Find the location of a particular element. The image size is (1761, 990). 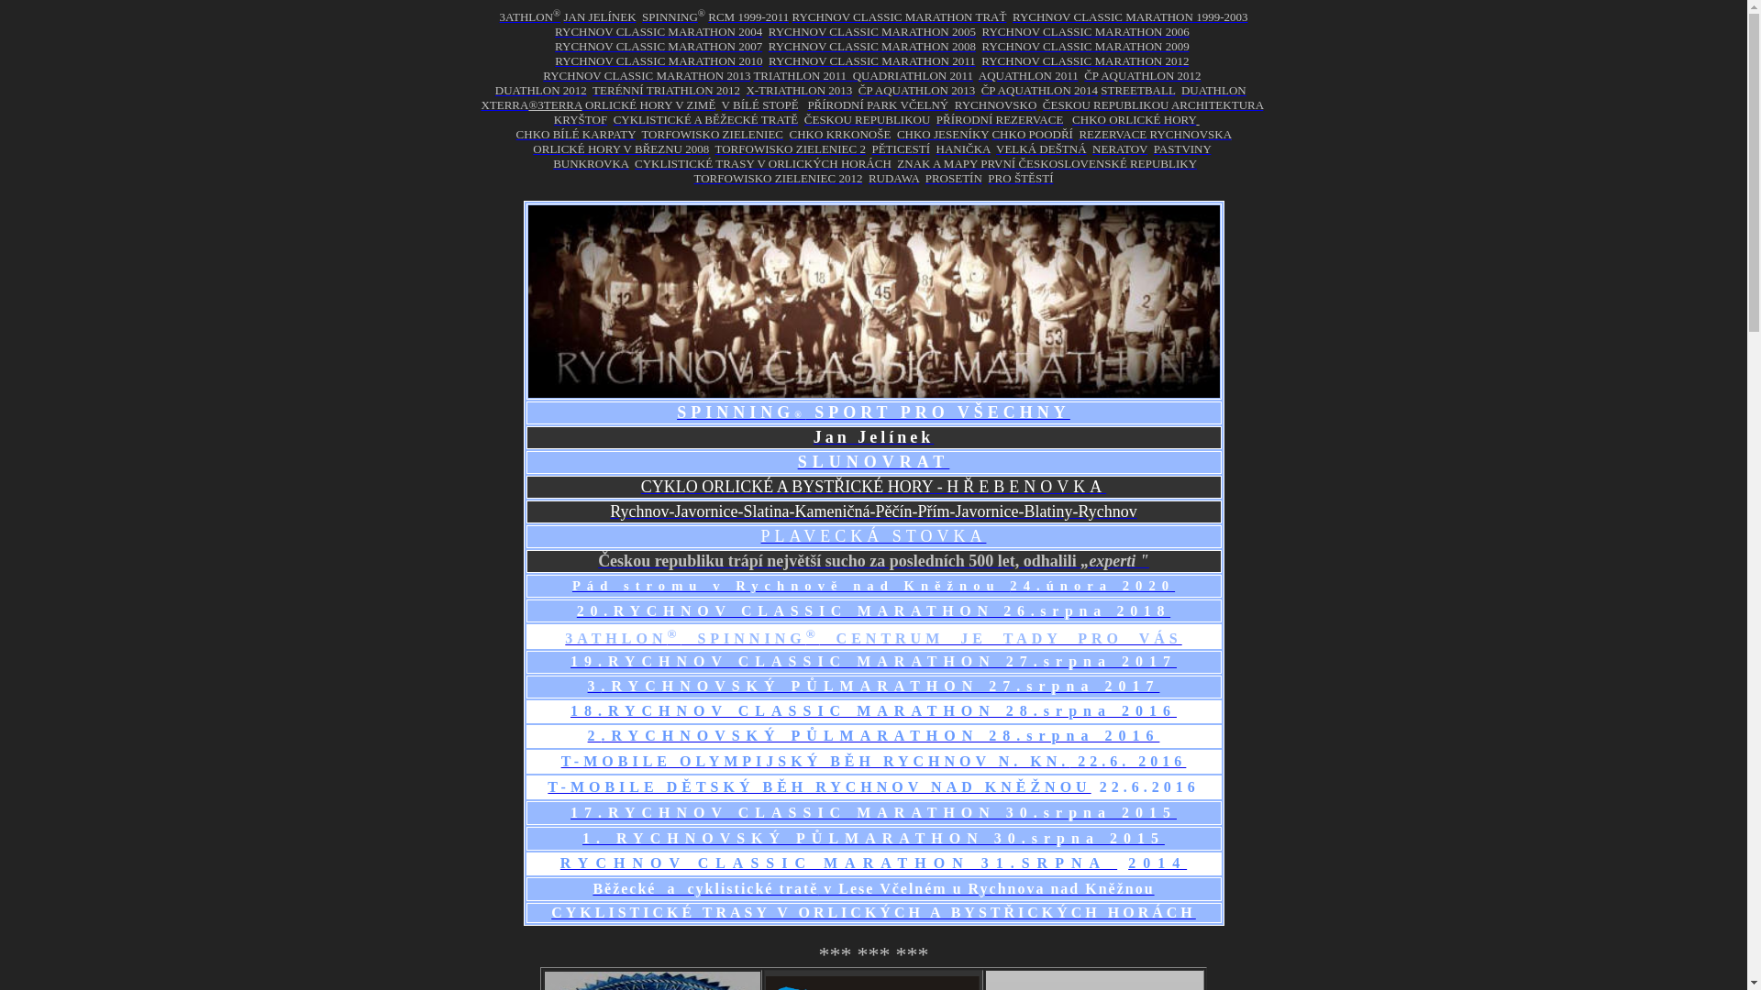

'18' is located at coordinates (583, 709).